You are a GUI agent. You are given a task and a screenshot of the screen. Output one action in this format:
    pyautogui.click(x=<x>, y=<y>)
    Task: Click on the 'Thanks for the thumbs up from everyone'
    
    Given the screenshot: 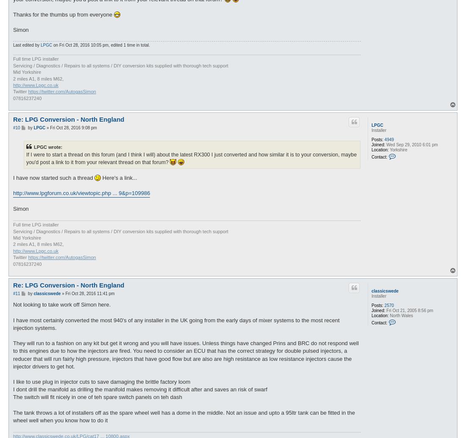 What is the action you would take?
    pyautogui.click(x=63, y=14)
    